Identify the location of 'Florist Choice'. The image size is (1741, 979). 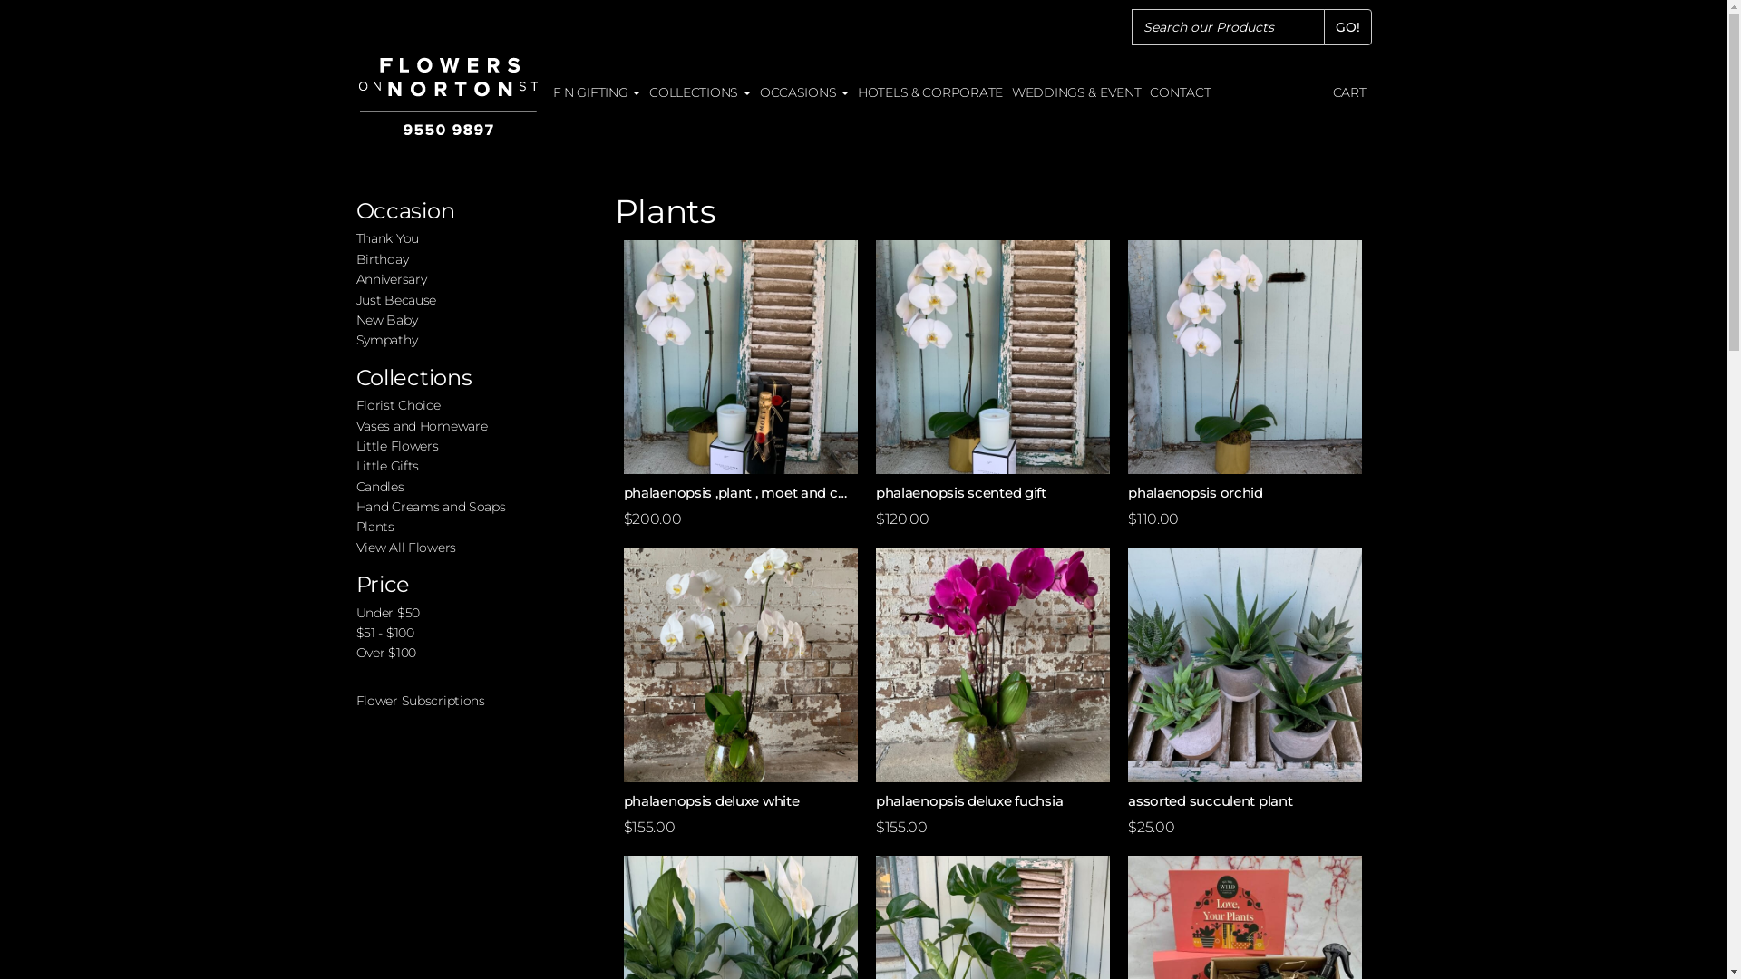
(396, 404).